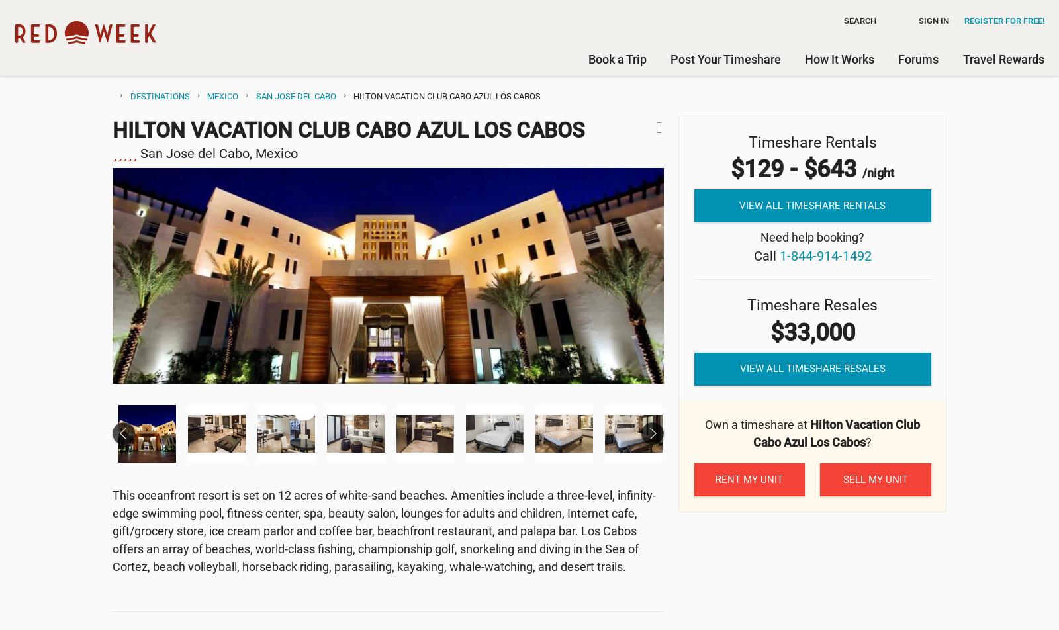 This screenshot has height=630, width=1059. Describe the element at coordinates (874, 478) in the screenshot. I see `'Sell my unit'` at that location.